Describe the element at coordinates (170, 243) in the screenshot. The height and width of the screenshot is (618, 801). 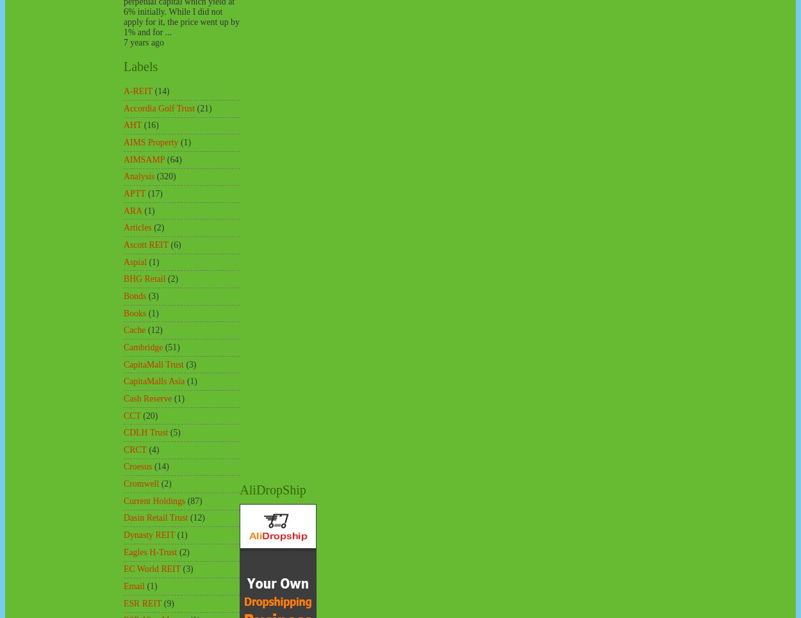
I see `'(6)'` at that location.